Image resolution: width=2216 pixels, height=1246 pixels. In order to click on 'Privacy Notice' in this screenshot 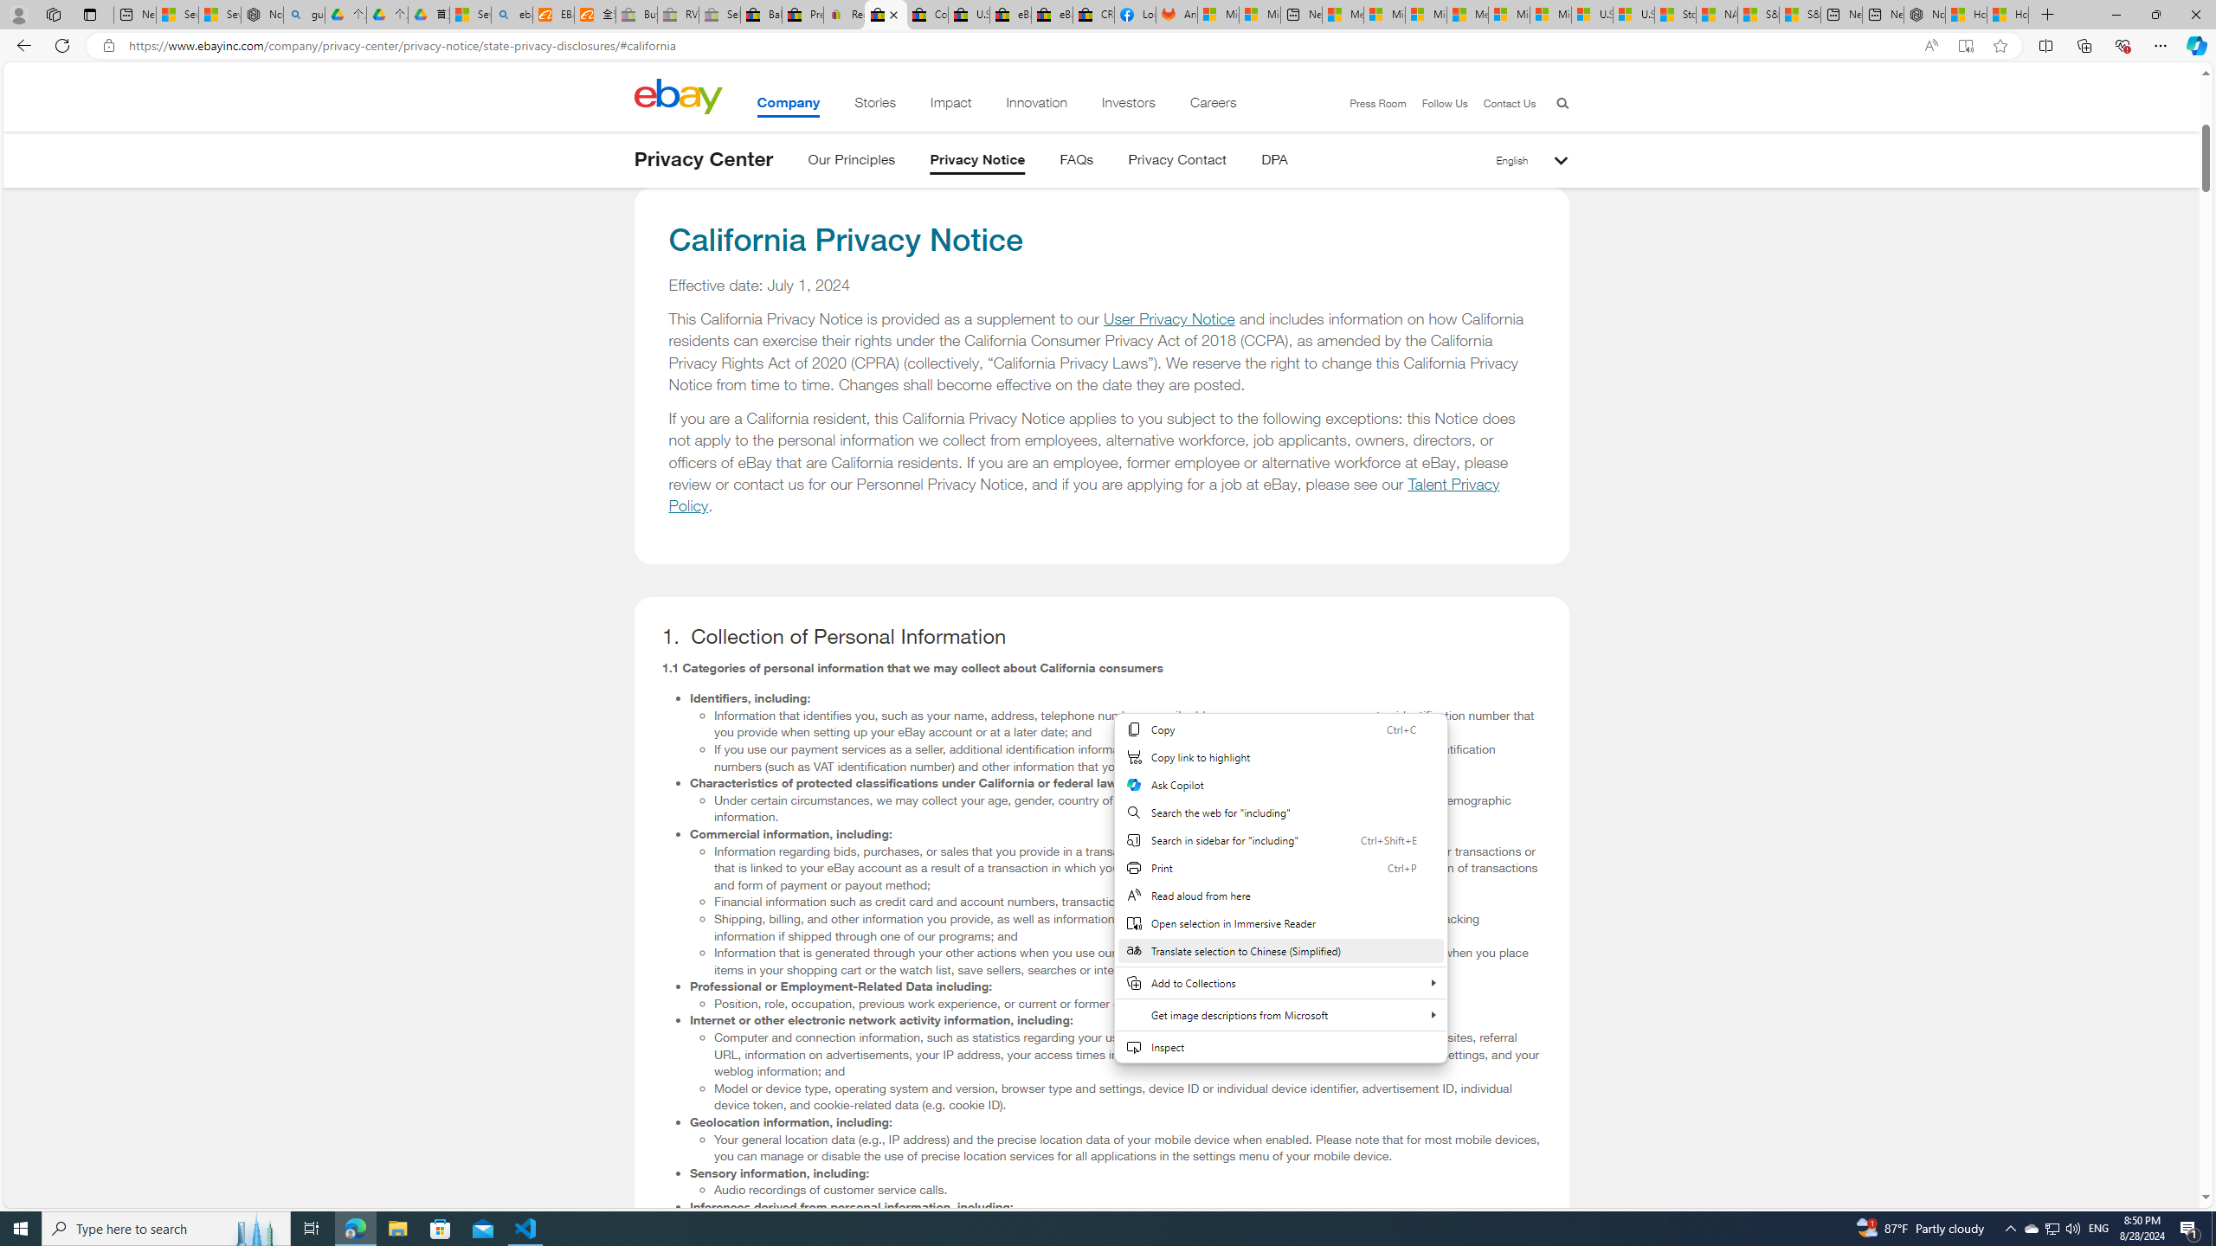, I will do `click(977, 162)`.